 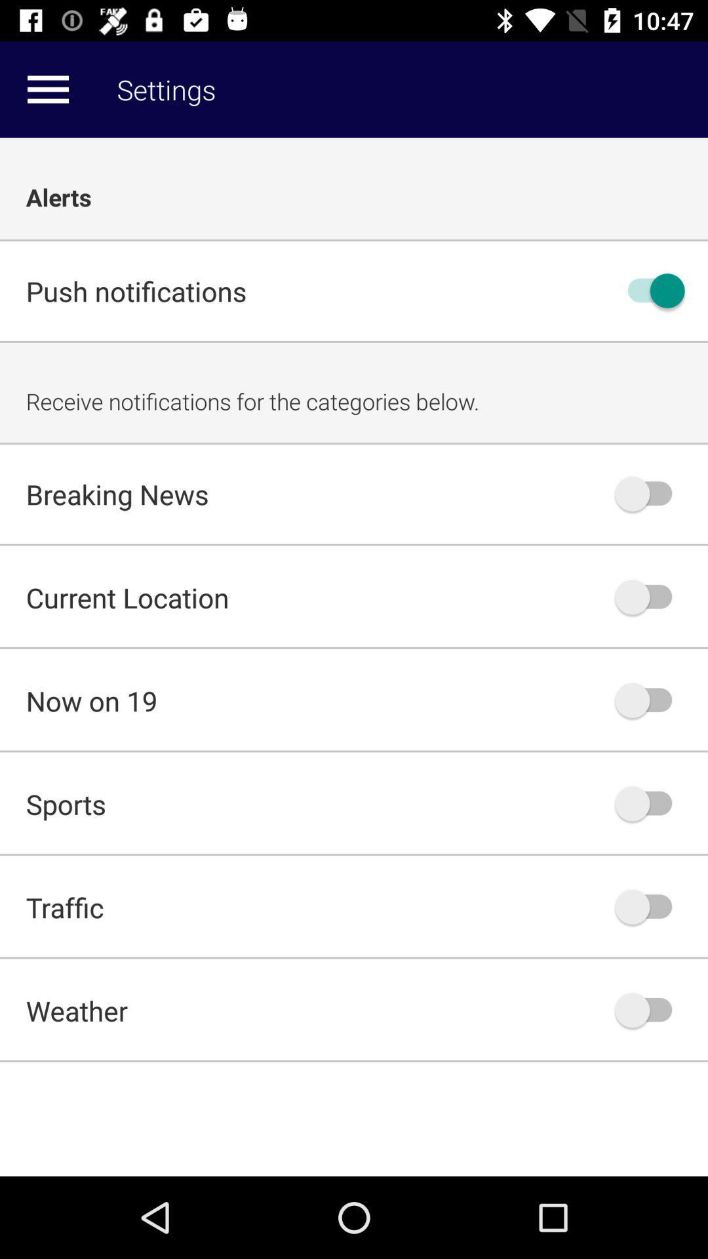 I want to click on turn-off current location, so click(x=650, y=596).